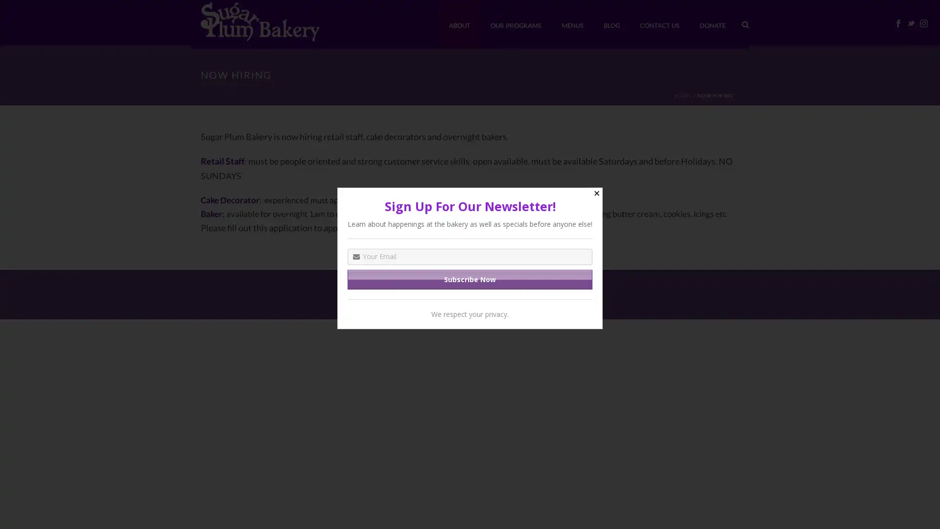 The height and width of the screenshot is (529, 940). Describe the element at coordinates (596, 193) in the screenshot. I see `Close` at that location.